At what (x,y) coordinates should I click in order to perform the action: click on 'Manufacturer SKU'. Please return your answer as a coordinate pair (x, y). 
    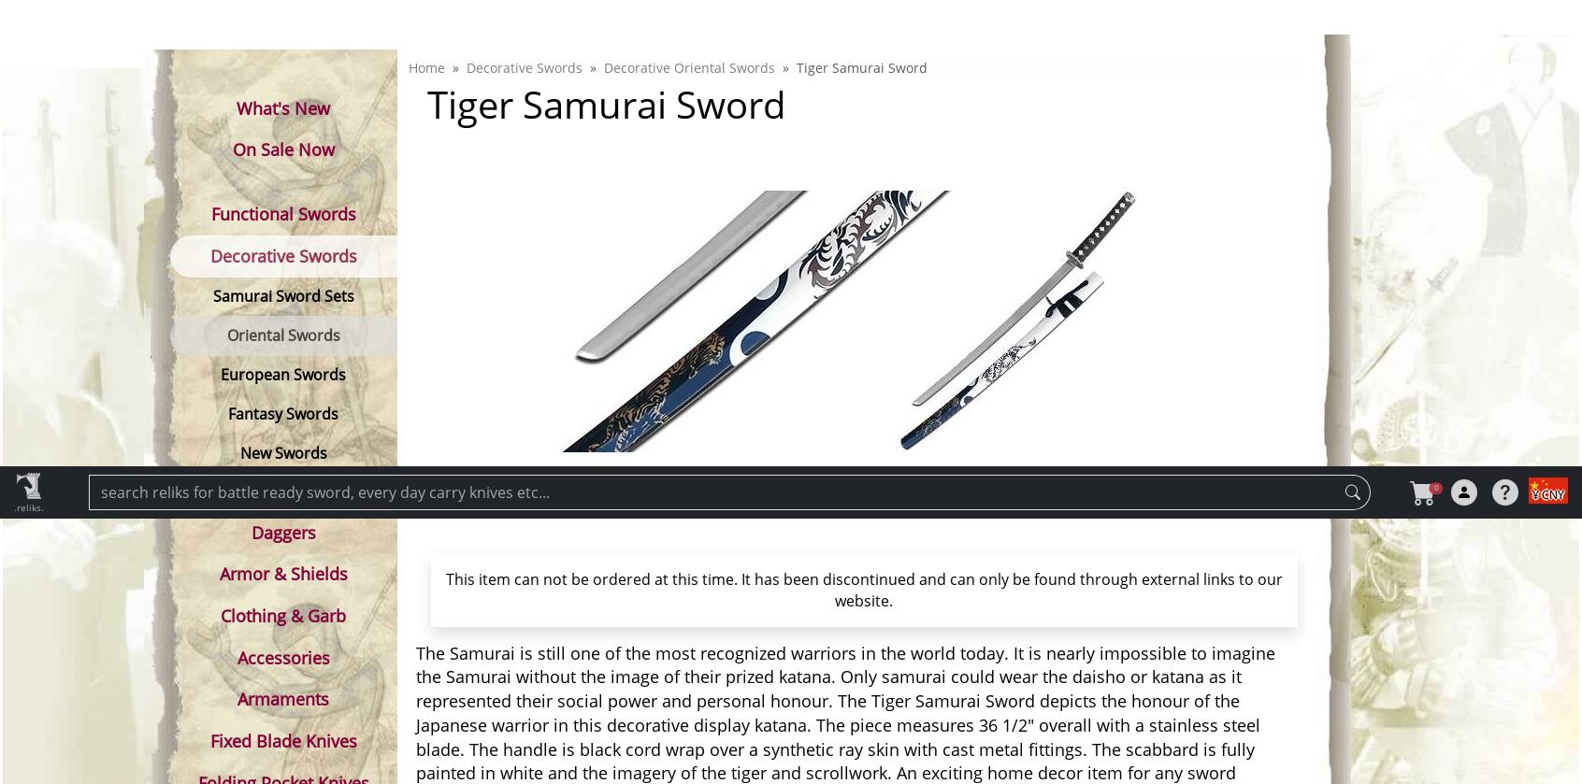
    Looking at the image, I should click on (487, 685).